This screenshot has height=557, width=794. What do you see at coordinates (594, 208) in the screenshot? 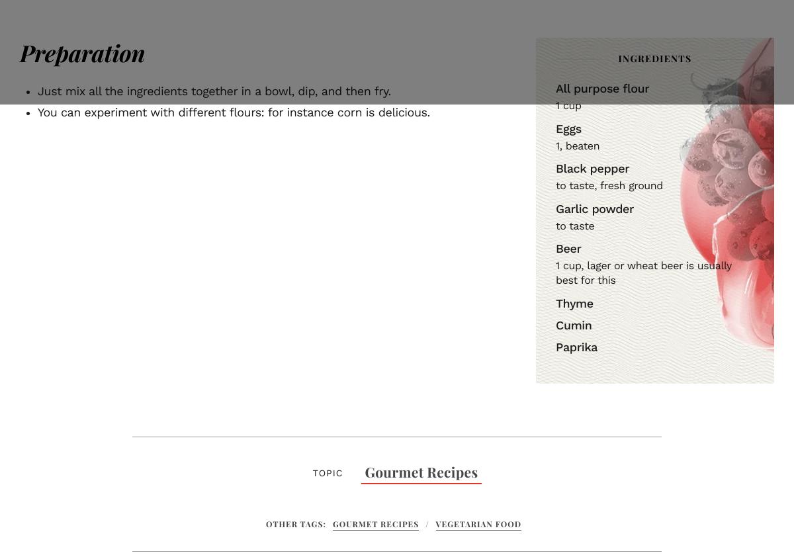
I see `'Garlic powder'` at bounding box center [594, 208].